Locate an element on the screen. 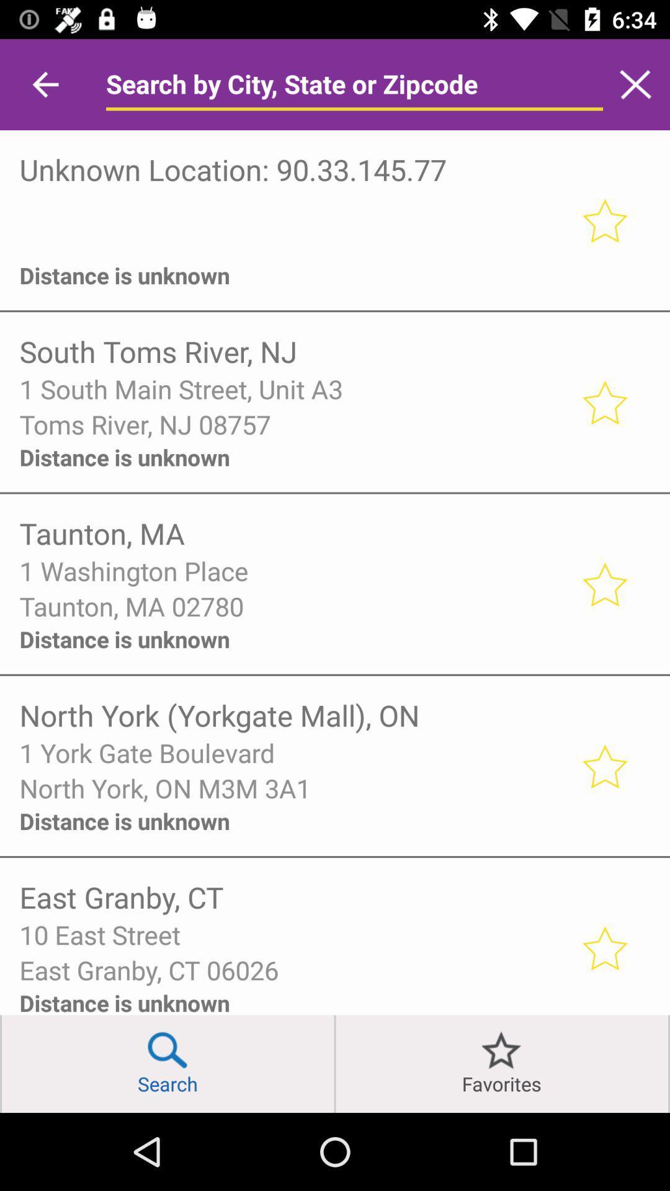 This screenshot has width=670, height=1191. item to the right of favorites item is located at coordinates (668, 1063).